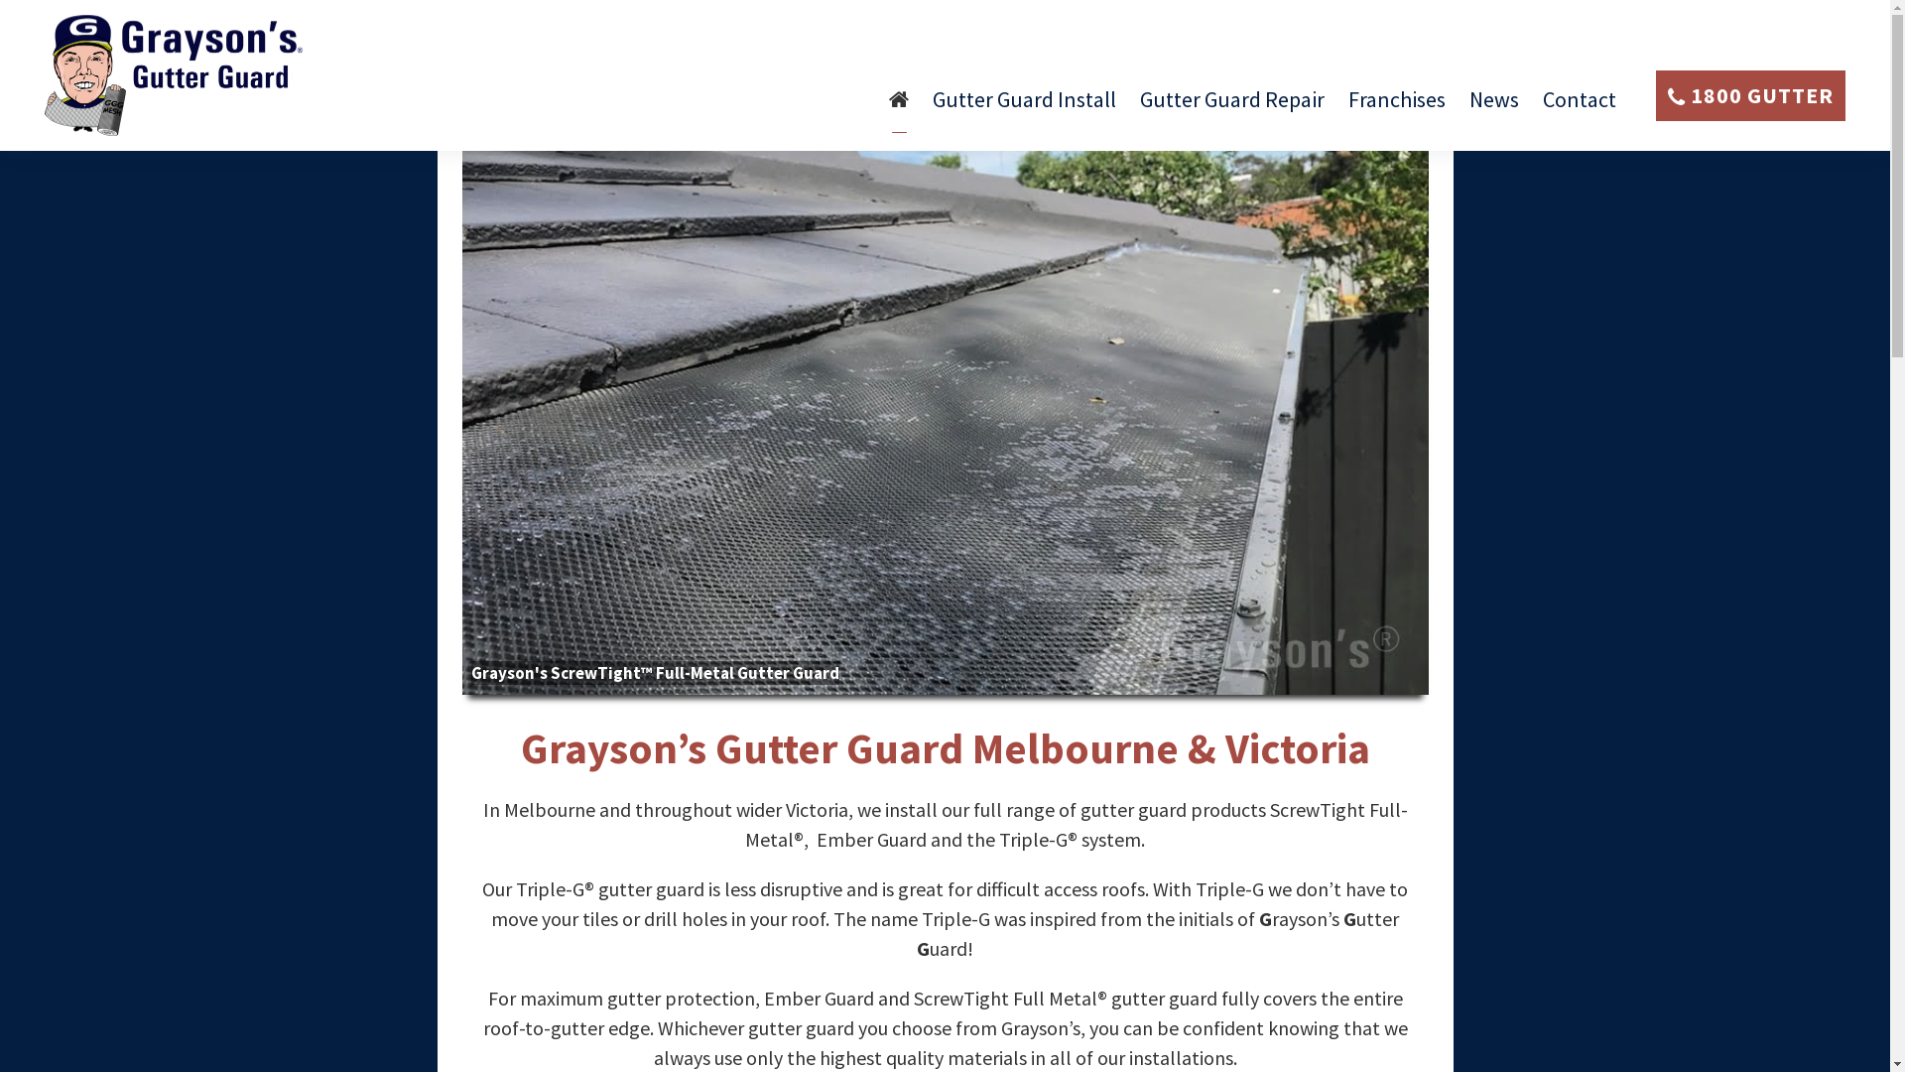 The width and height of the screenshot is (1905, 1072). I want to click on 'Contact', so click(1542, 107).